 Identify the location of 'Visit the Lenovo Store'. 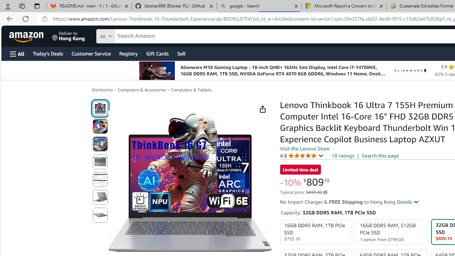
(305, 148).